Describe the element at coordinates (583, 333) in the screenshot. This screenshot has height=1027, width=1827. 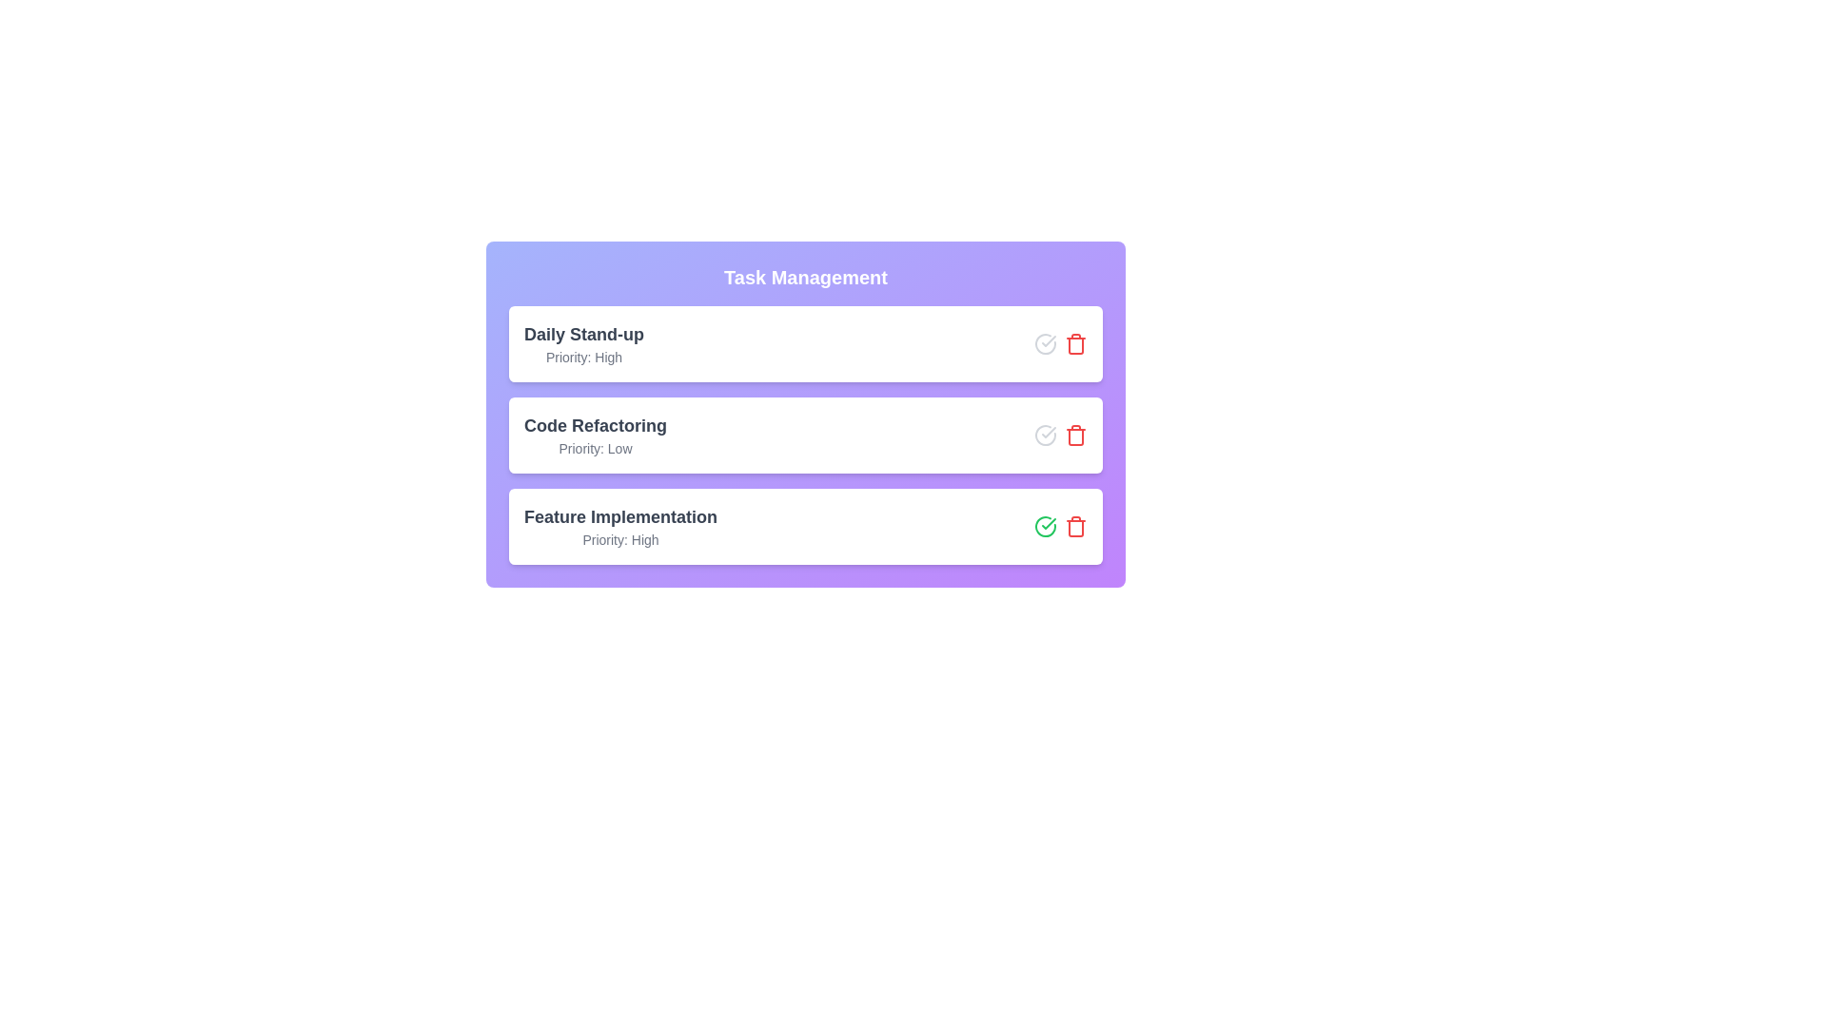
I see `the task title Daily Stand-up by clicking on it` at that location.